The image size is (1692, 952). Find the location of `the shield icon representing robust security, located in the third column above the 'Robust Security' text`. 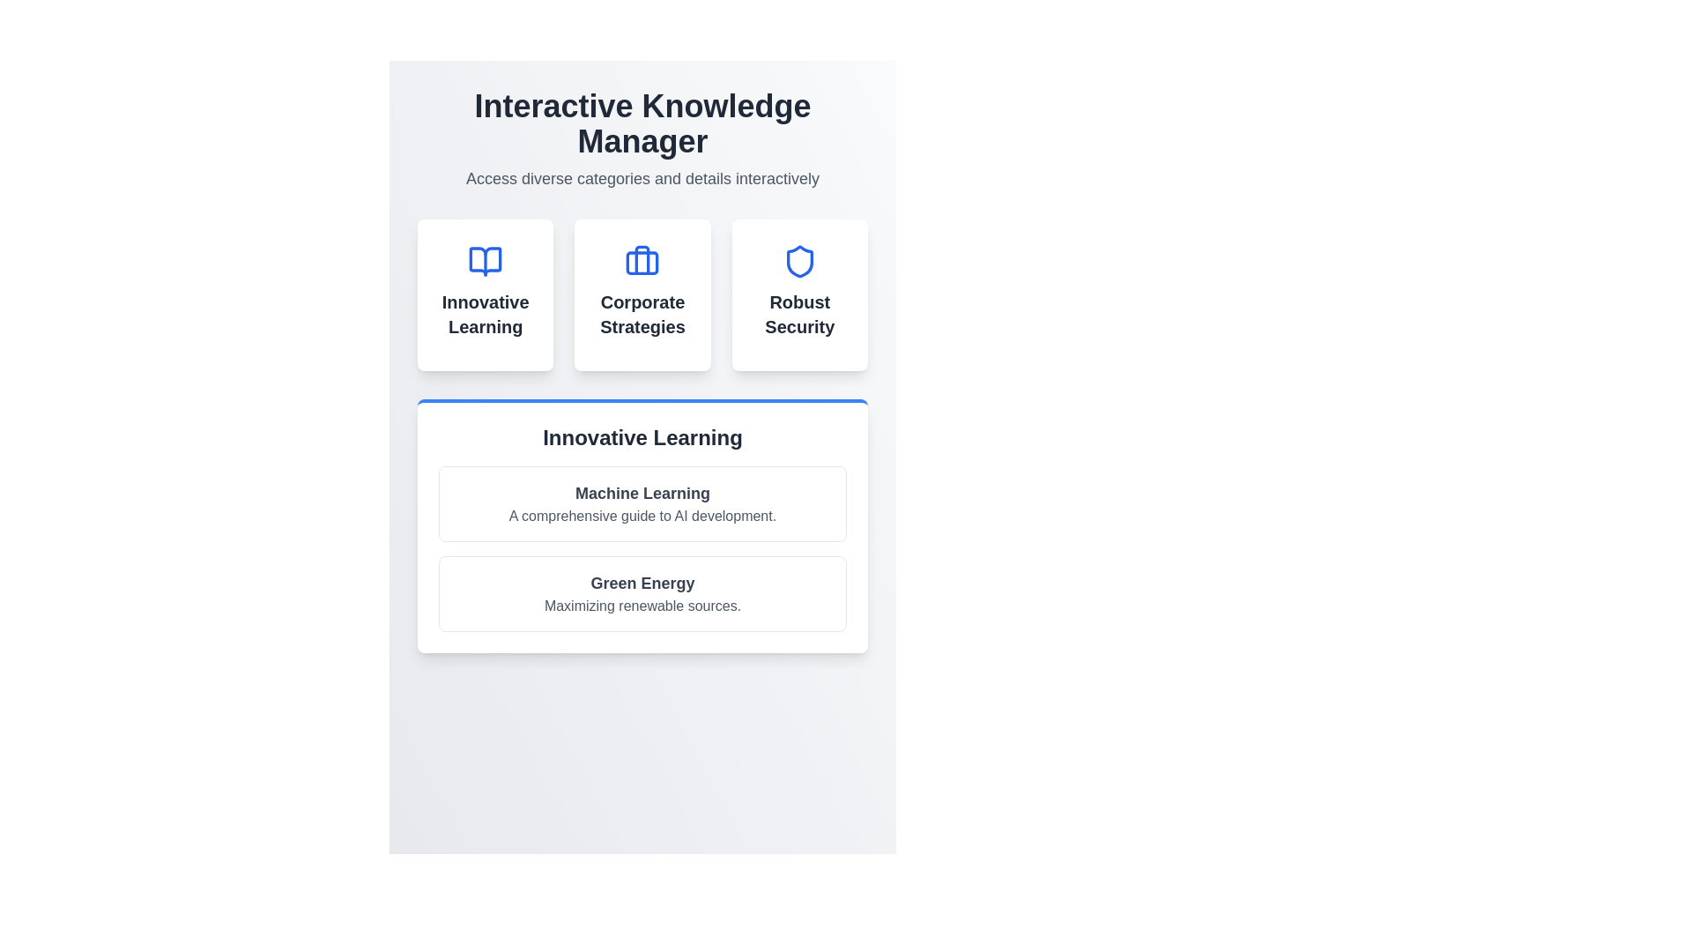

the shield icon representing robust security, located in the third column above the 'Robust Security' text is located at coordinates (798, 262).